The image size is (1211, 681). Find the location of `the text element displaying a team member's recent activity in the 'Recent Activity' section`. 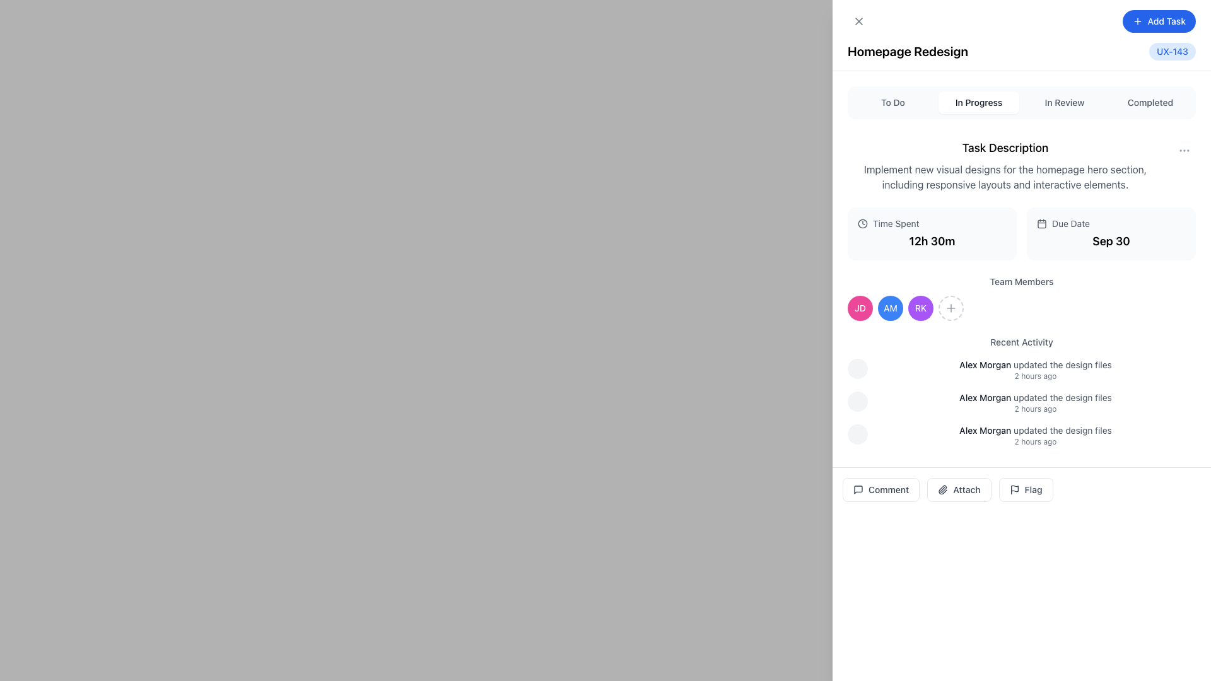

the text element displaying a team member's recent activity in the 'Recent Activity' section is located at coordinates (1035, 398).